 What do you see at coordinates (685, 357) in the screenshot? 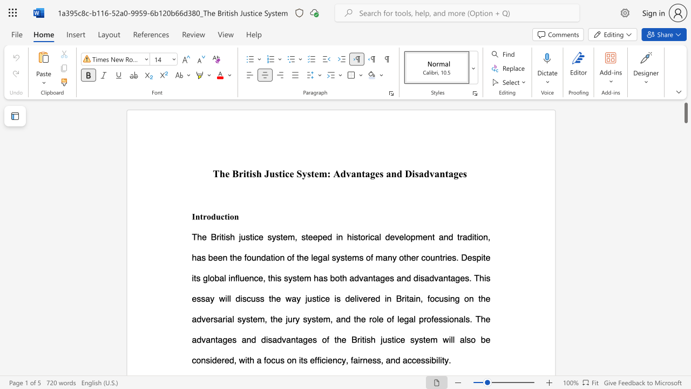
I see `the right-hand scrollbar to descend the page` at bounding box center [685, 357].